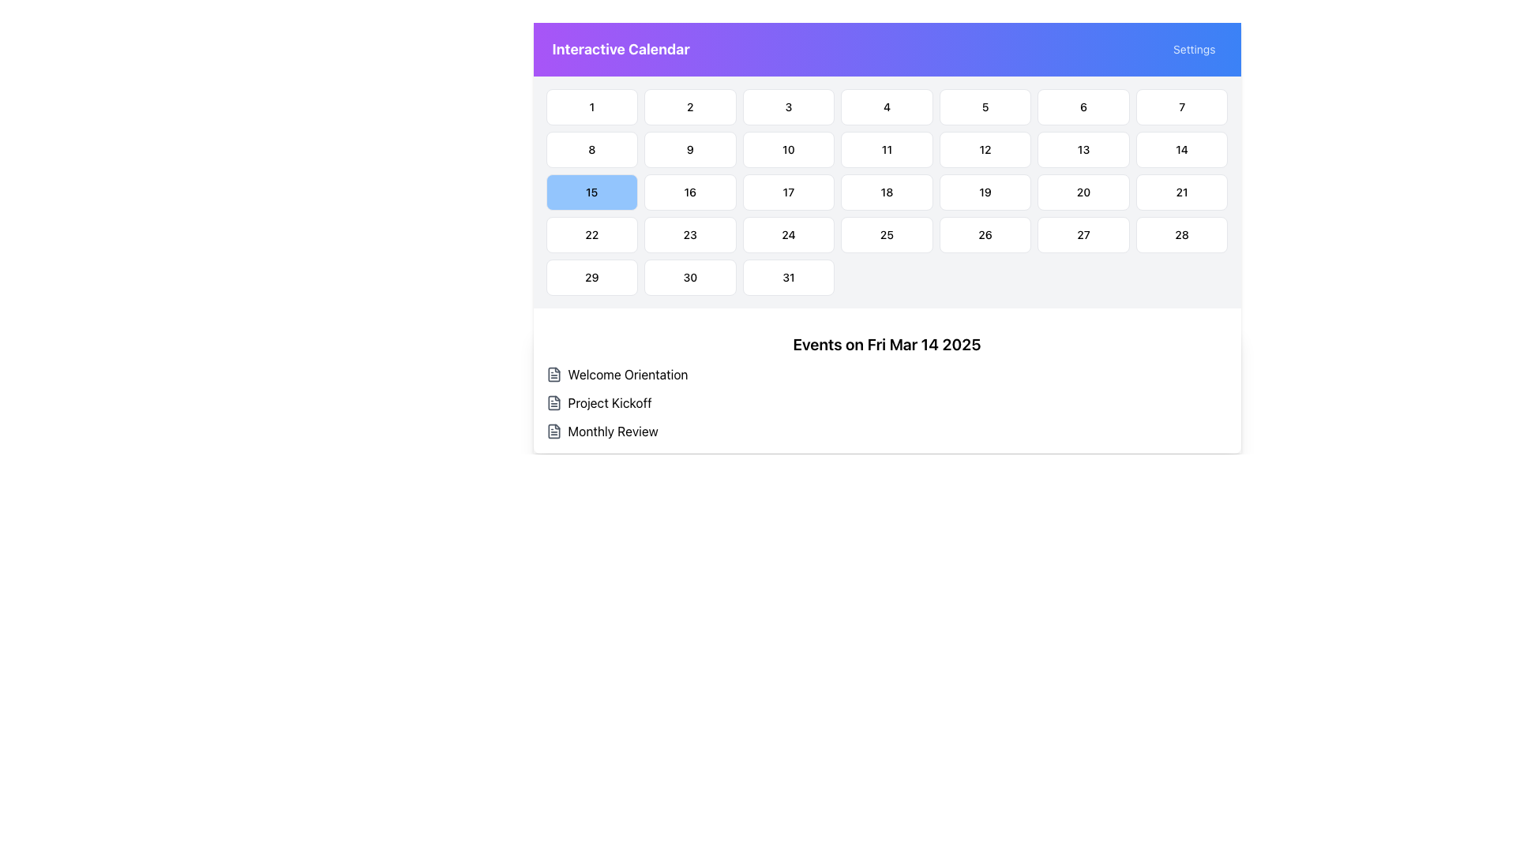 This screenshot has width=1516, height=852. I want to click on the text displaying the number '21' located in the 21st cell of the calendar grid in the third row and seventh column, so click(1182, 191).